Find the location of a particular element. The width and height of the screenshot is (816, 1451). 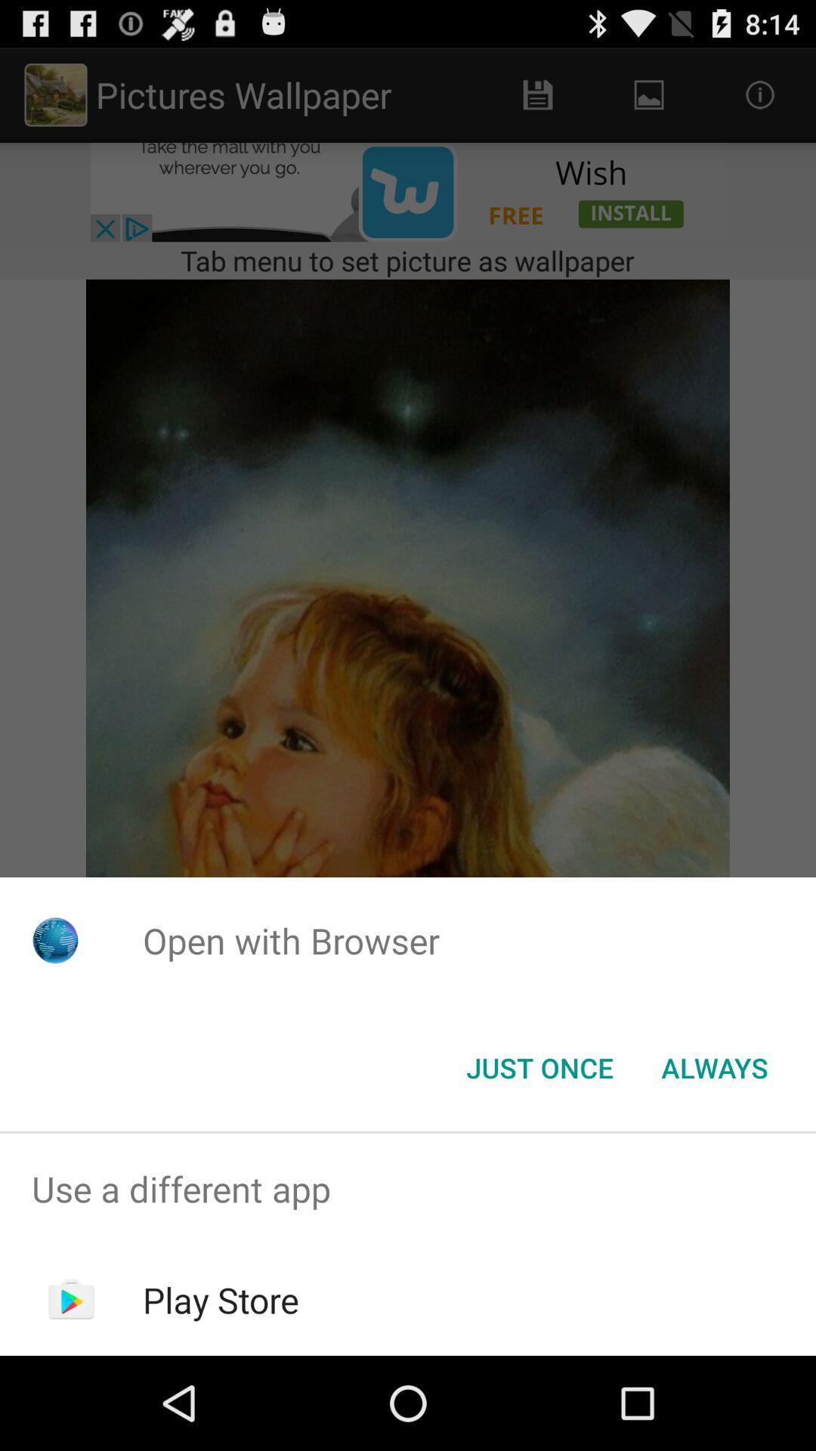

app above play store is located at coordinates (408, 1188).